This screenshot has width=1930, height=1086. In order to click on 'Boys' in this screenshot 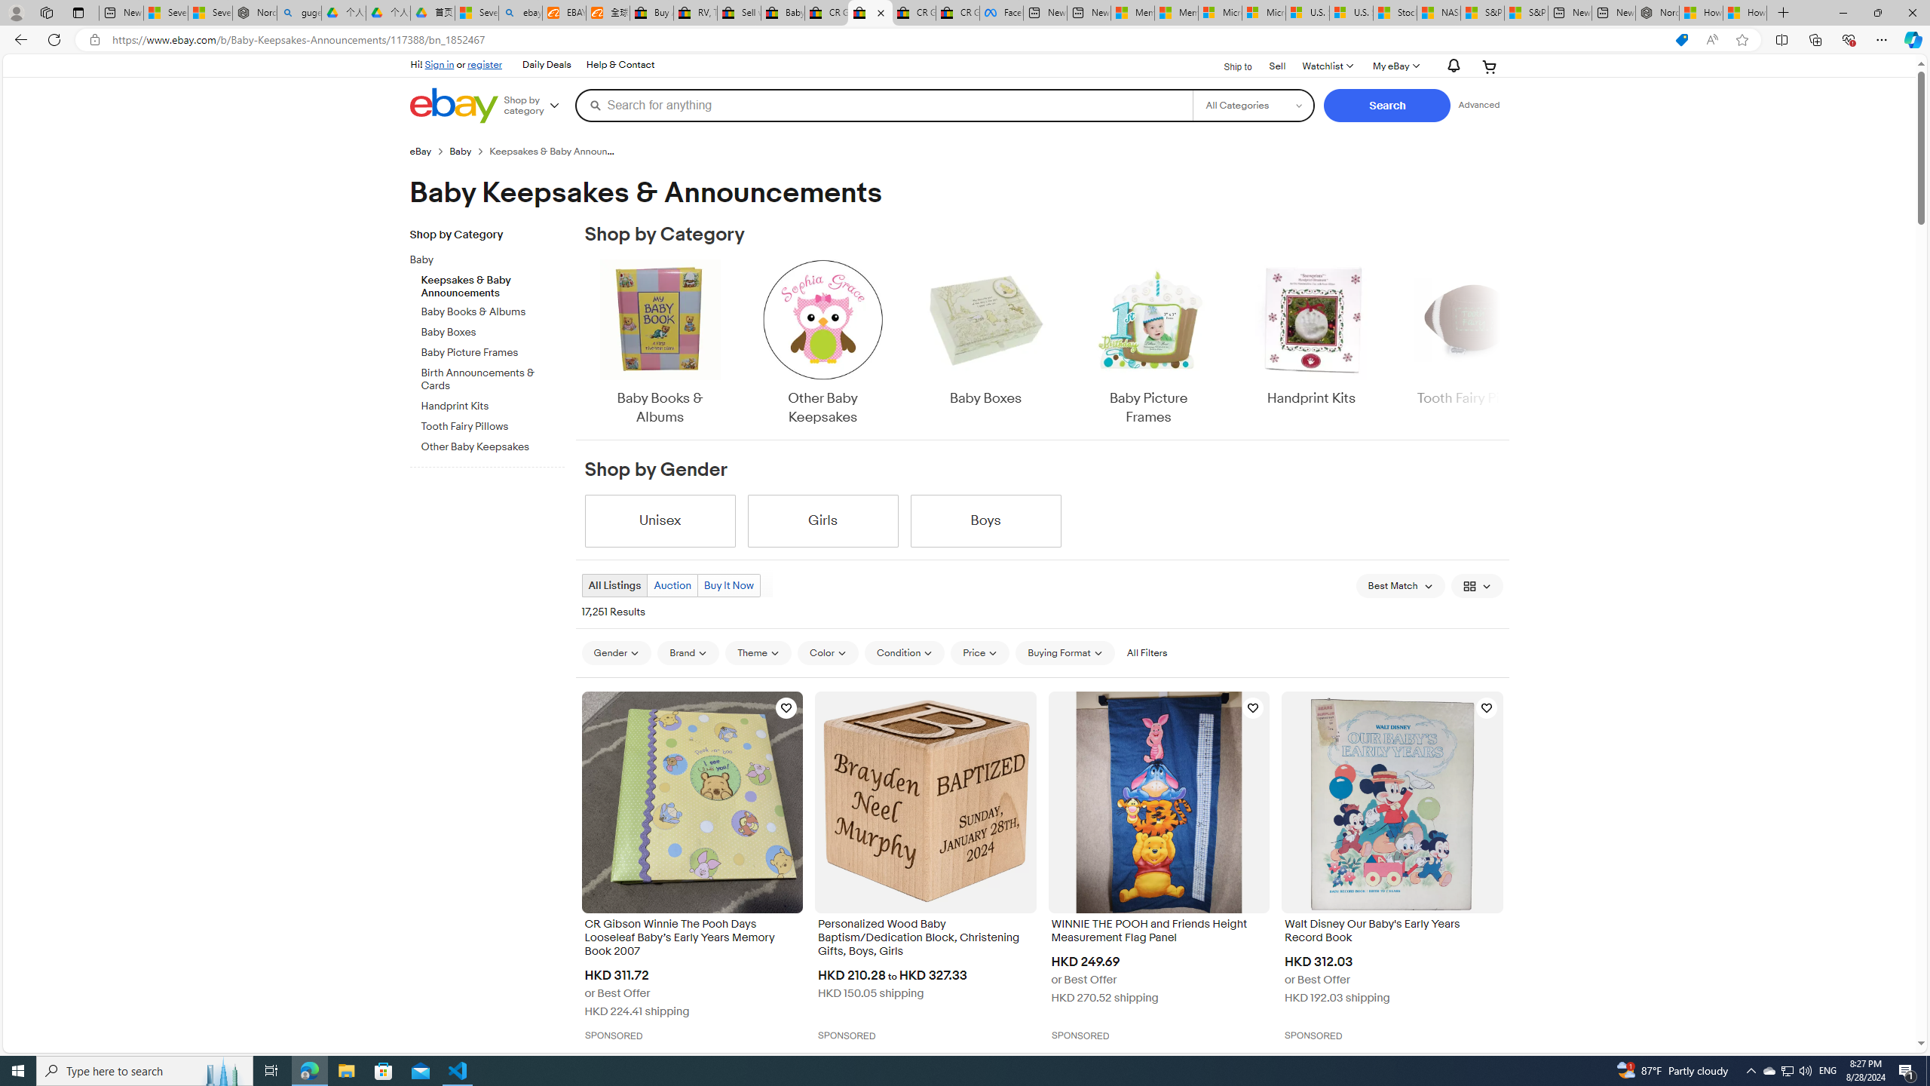, I will do `click(984, 520)`.